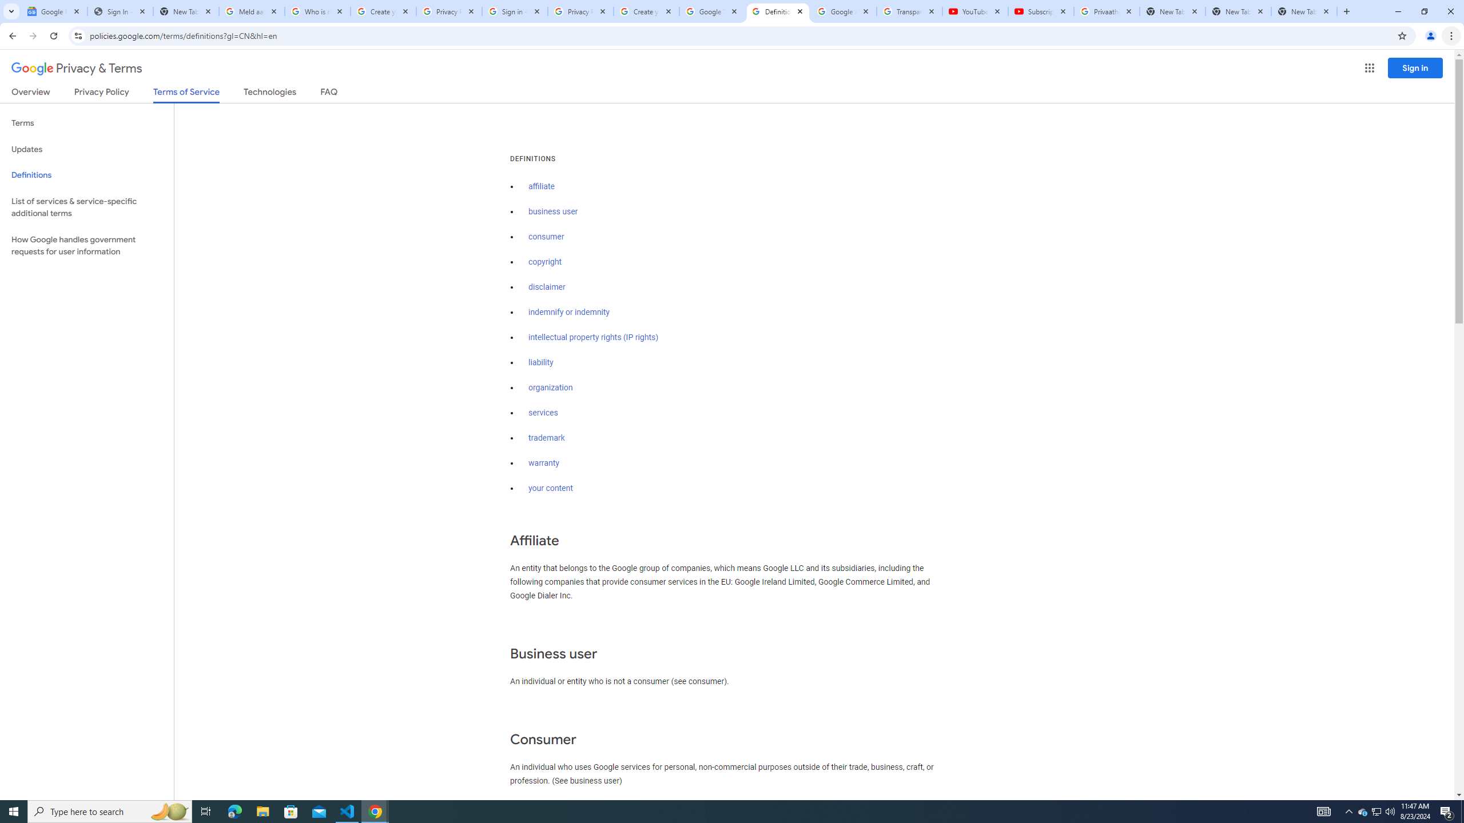  Describe the element at coordinates (546, 236) in the screenshot. I see `'consumer'` at that location.